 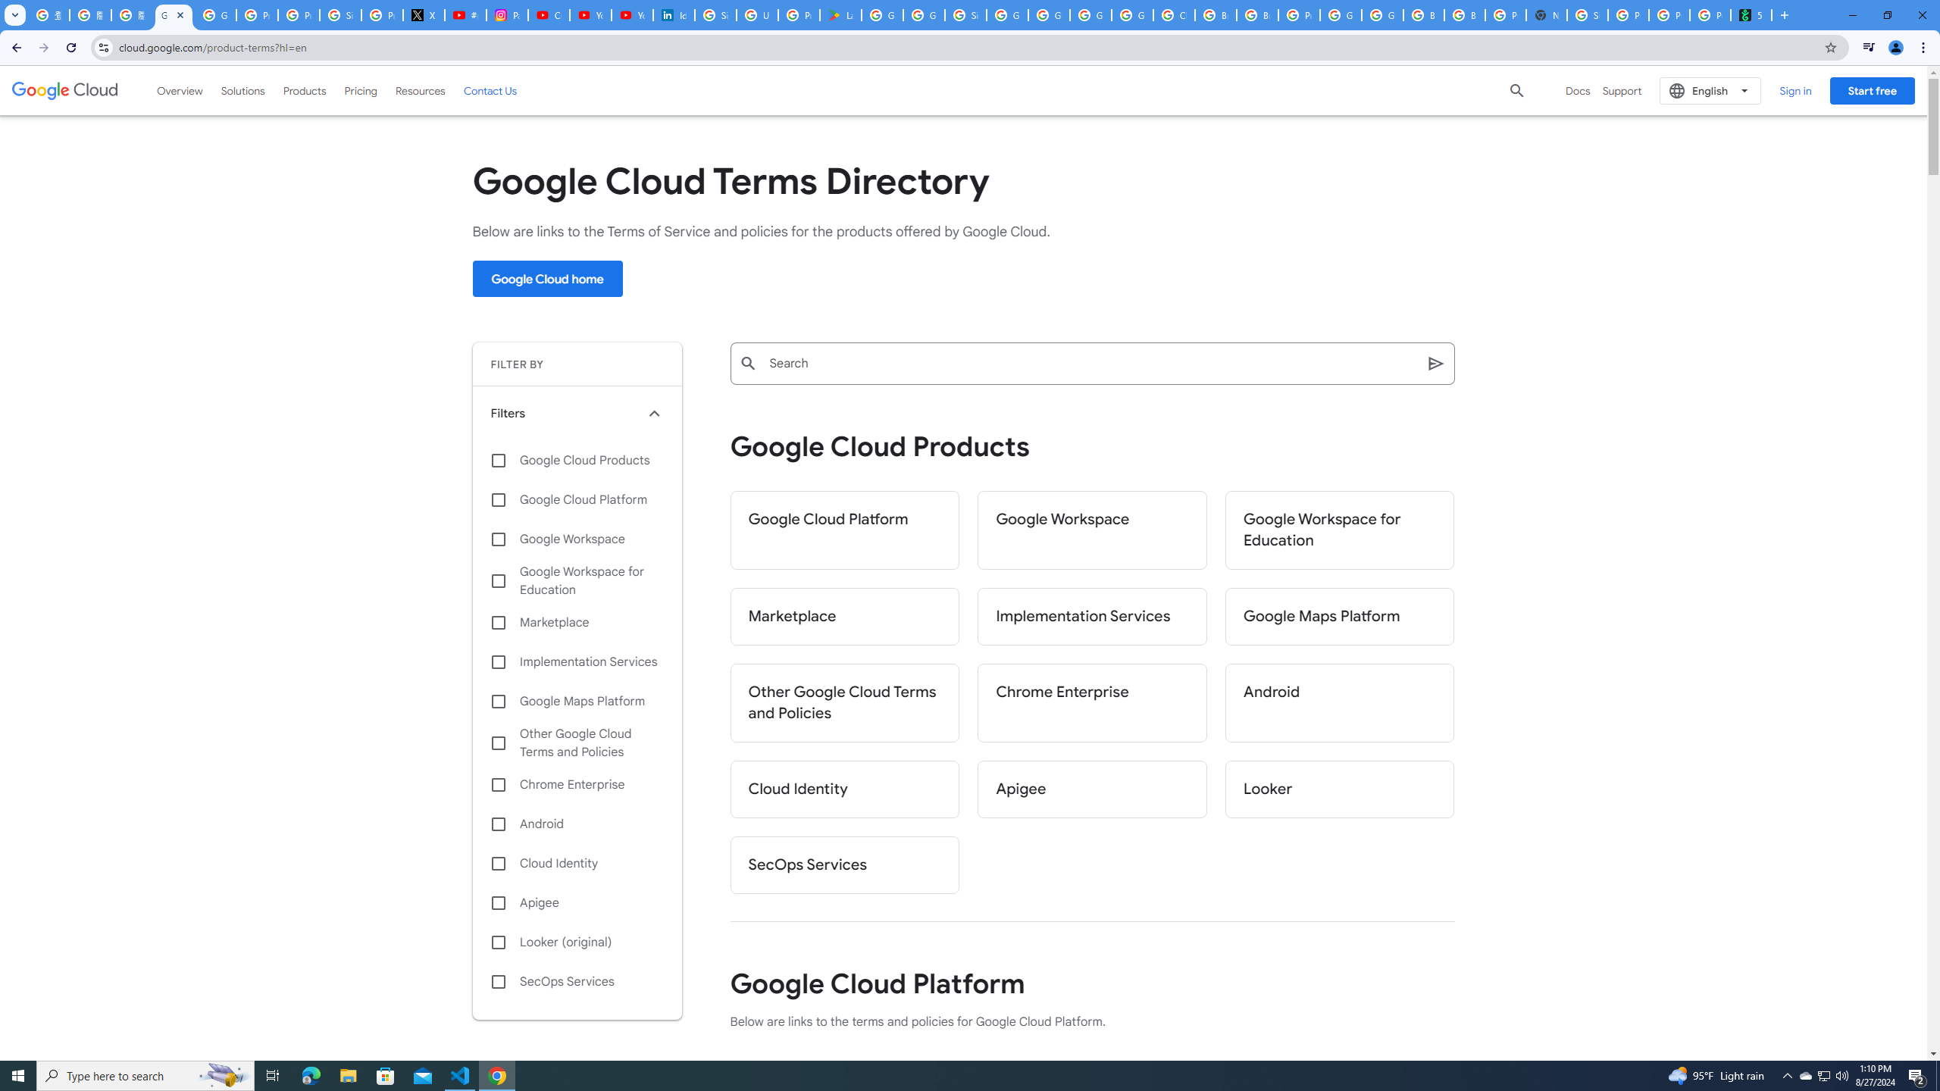 I want to click on 'Apigee', so click(x=1091, y=789).